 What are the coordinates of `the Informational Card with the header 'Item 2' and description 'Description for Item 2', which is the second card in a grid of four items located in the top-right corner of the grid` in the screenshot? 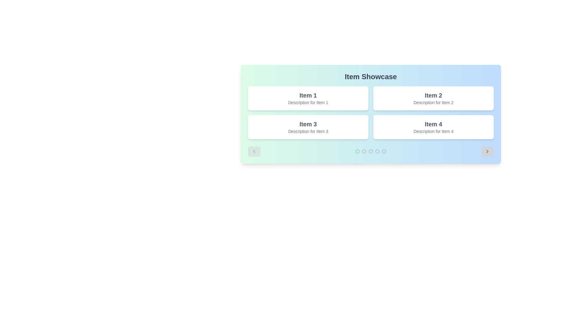 It's located at (433, 98).